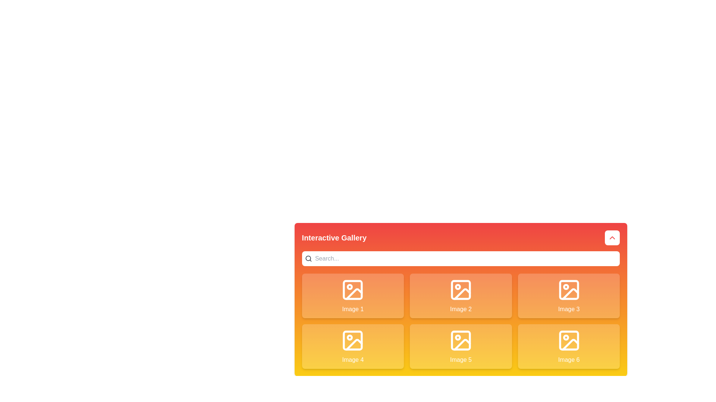  What do you see at coordinates (460, 238) in the screenshot?
I see `the Header bar of the gallery component to focus it` at bounding box center [460, 238].